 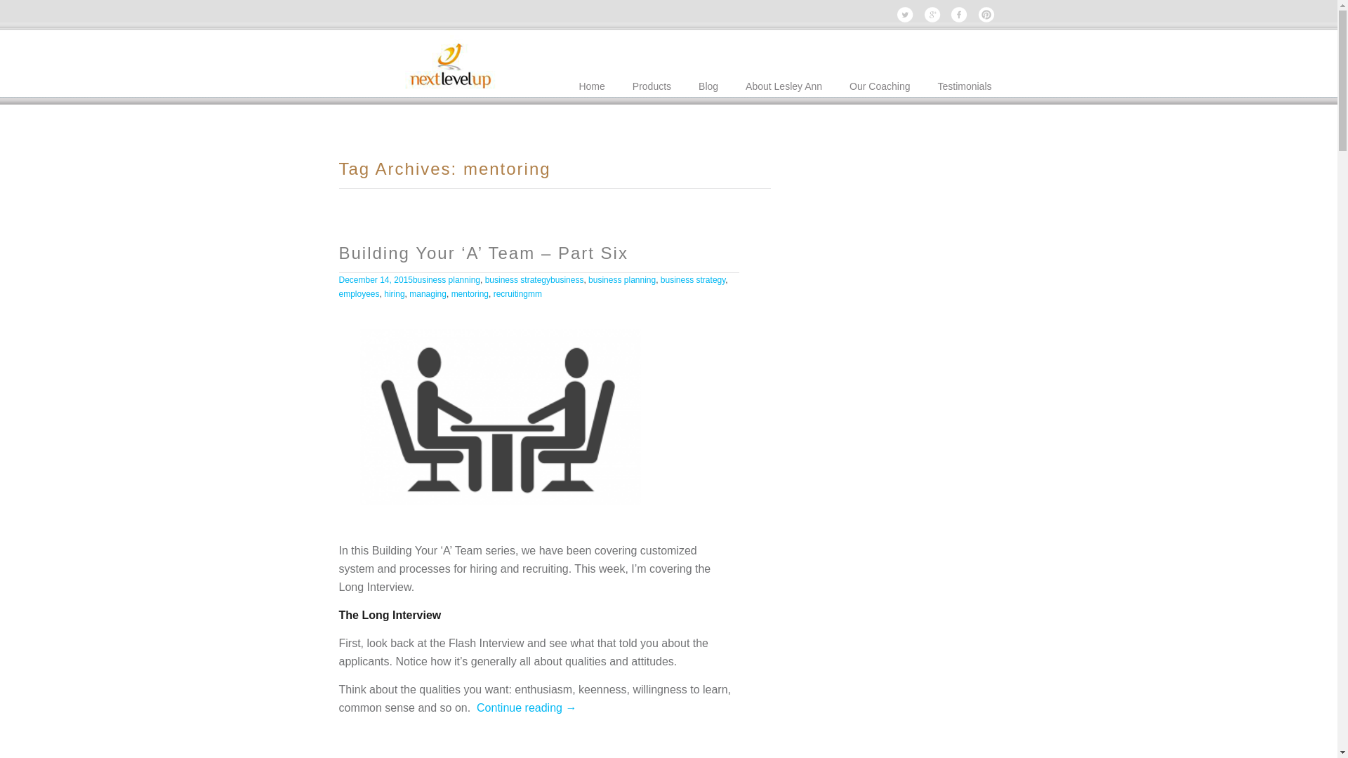 I want to click on 'Products', so click(x=651, y=81).